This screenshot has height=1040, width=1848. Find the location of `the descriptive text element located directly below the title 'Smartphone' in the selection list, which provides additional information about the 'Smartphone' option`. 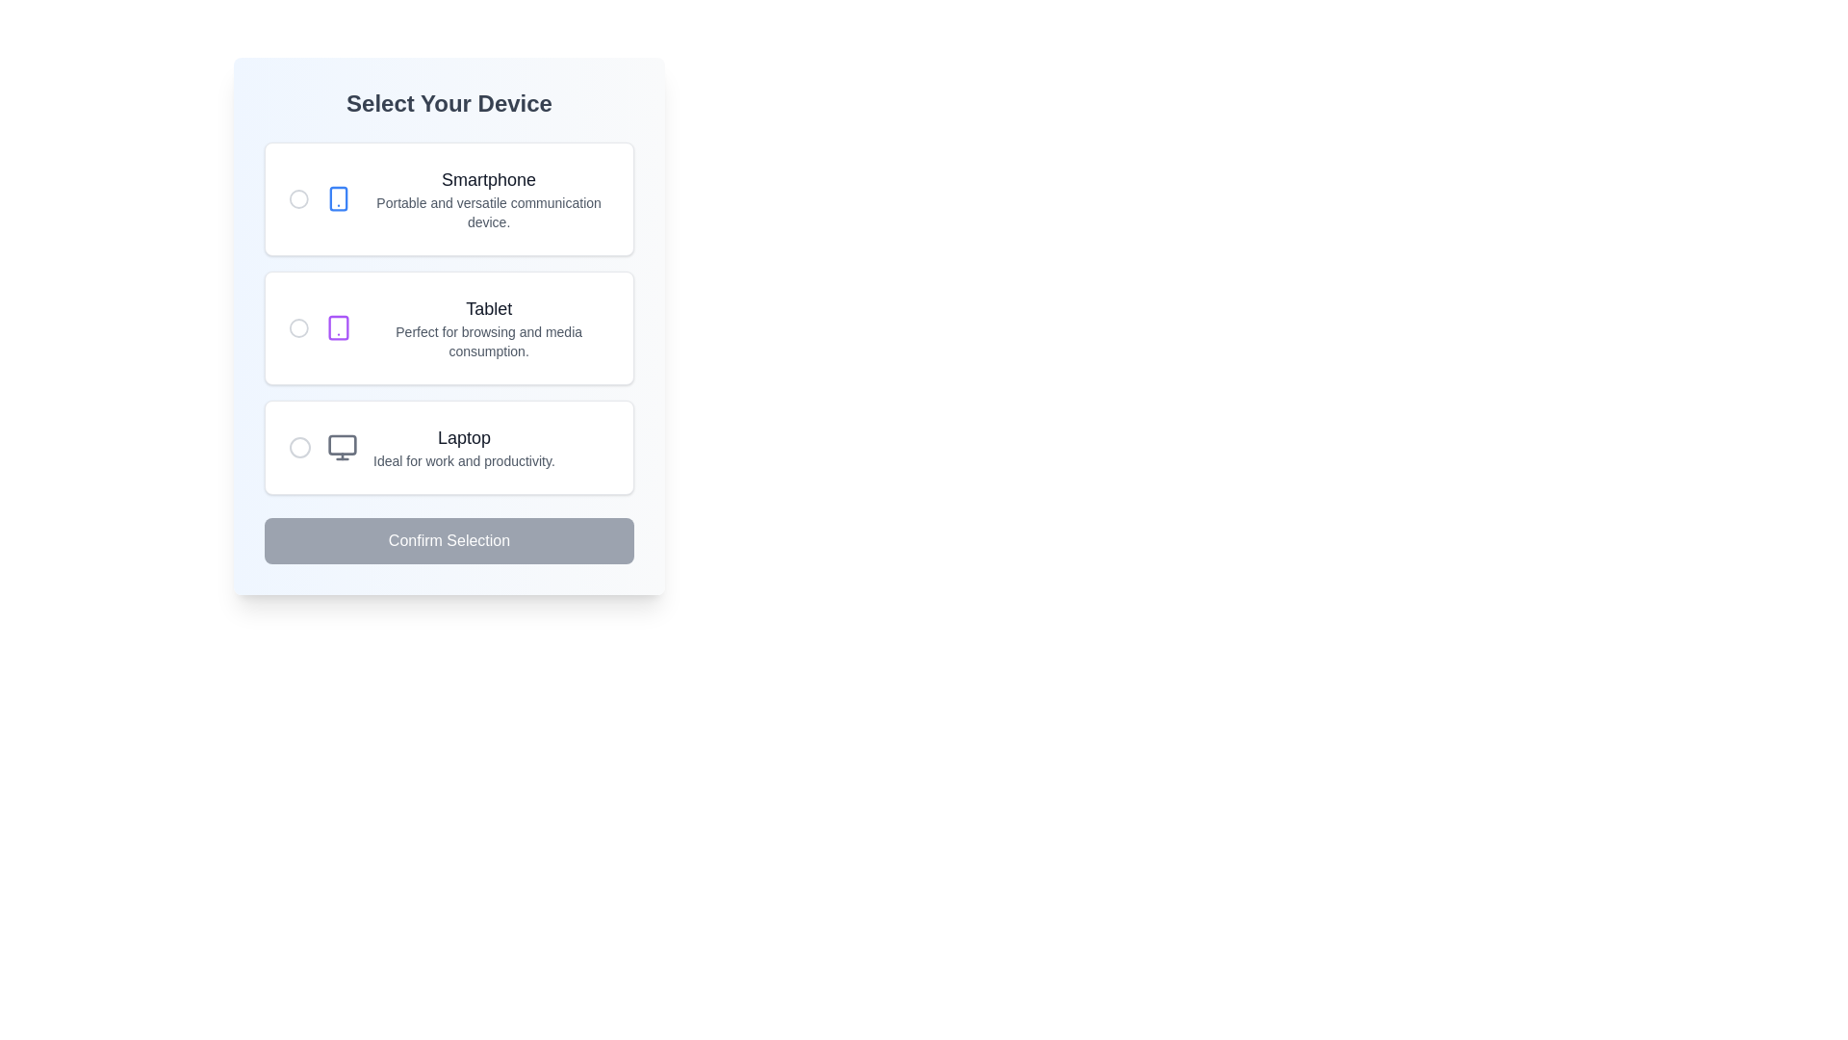

the descriptive text element located directly below the title 'Smartphone' in the selection list, which provides additional information about the 'Smartphone' option is located at coordinates (489, 212).